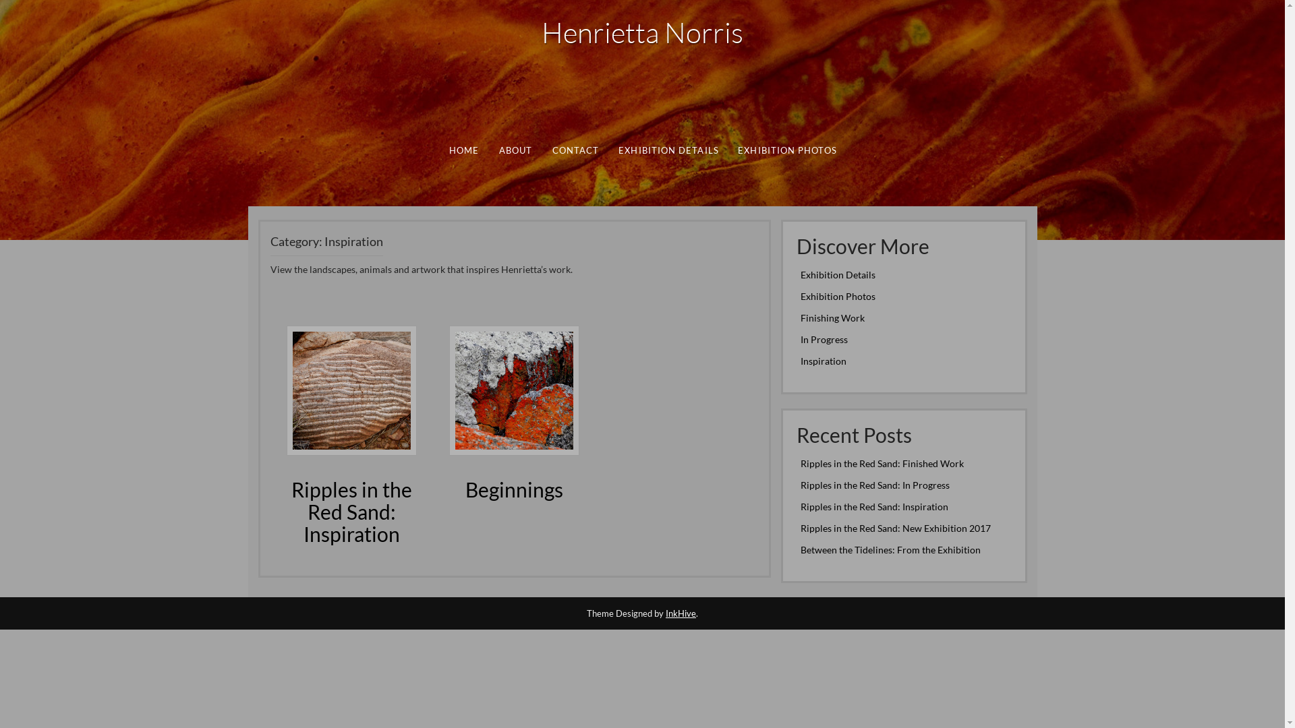  What do you see at coordinates (894, 527) in the screenshot?
I see `'Ripples in the Red Sand: New Exhibition 2017'` at bounding box center [894, 527].